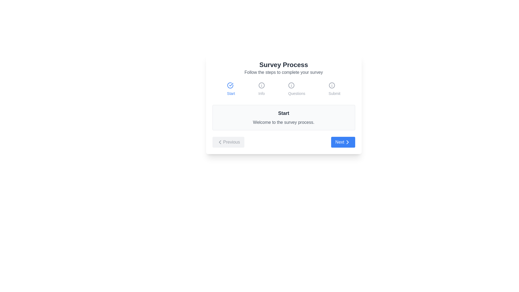 The width and height of the screenshot is (519, 292). Describe the element at coordinates (283, 89) in the screenshot. I see `the step indicators in the progress tracker` at that location.